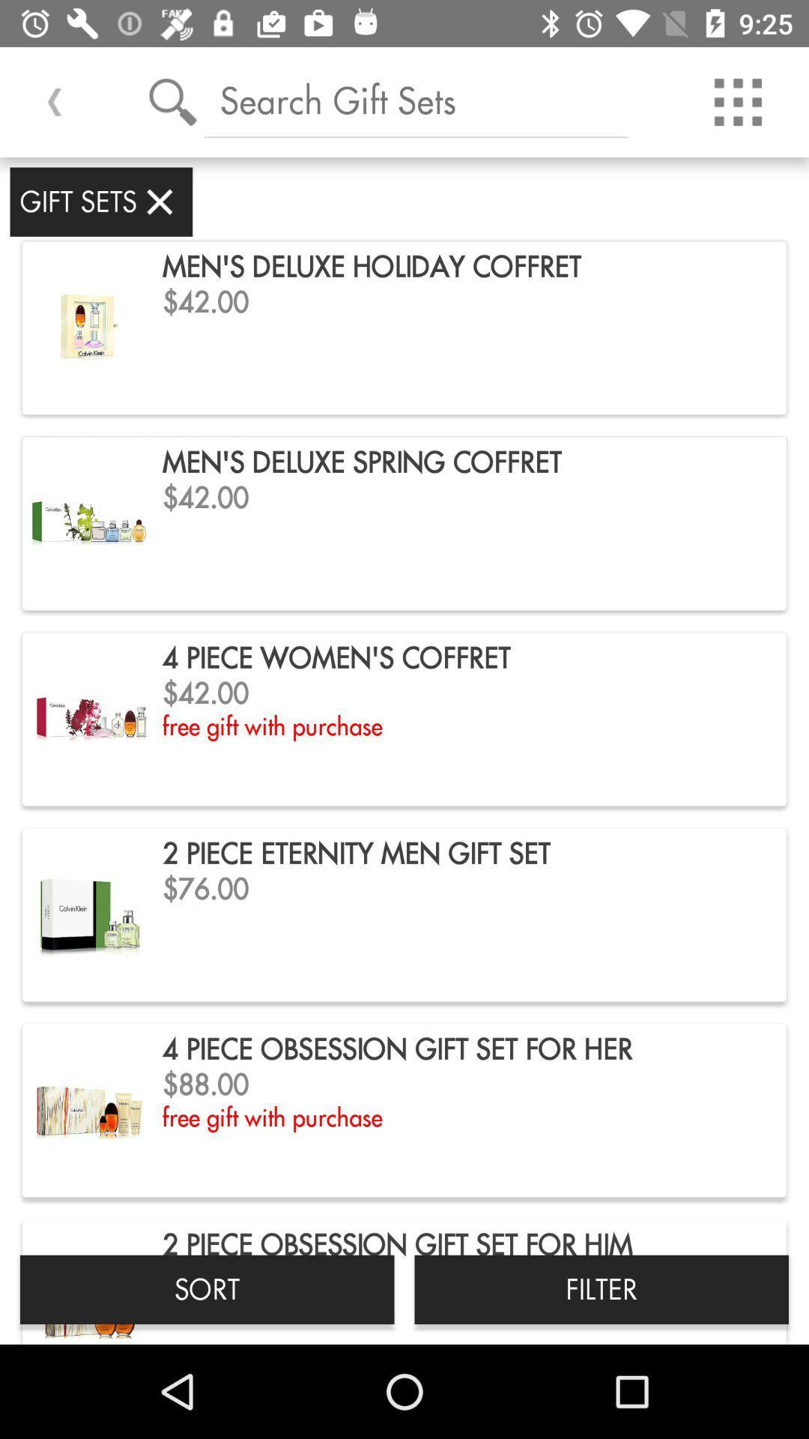  Describe the element at coordinates (737, 101) in the screenshot. I see `the item above filter` at that location.